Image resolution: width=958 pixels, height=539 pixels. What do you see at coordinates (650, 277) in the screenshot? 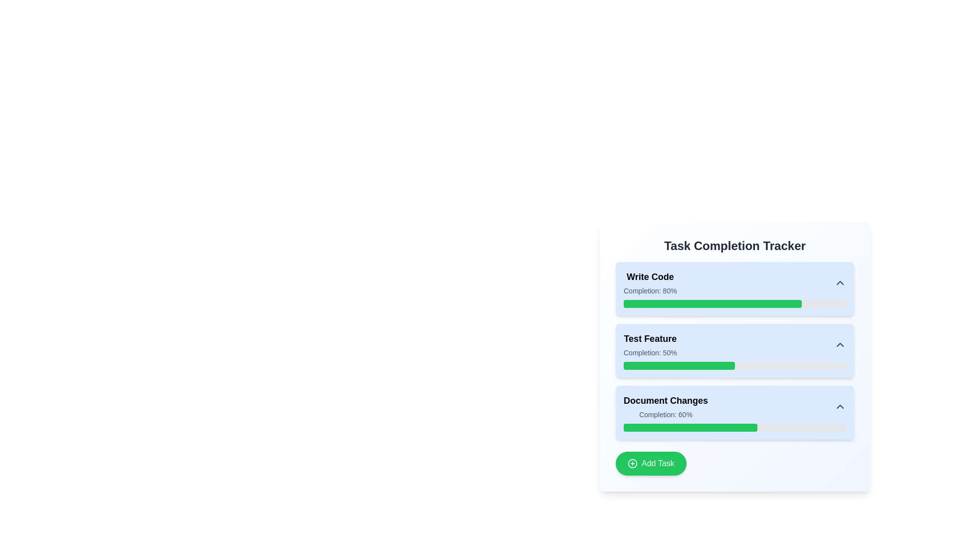
I see `the text label that reads 'Write Code', which is styled in a large, bold font and is positioned at the top of the module indicating task details` at bounding box center [650, 277].